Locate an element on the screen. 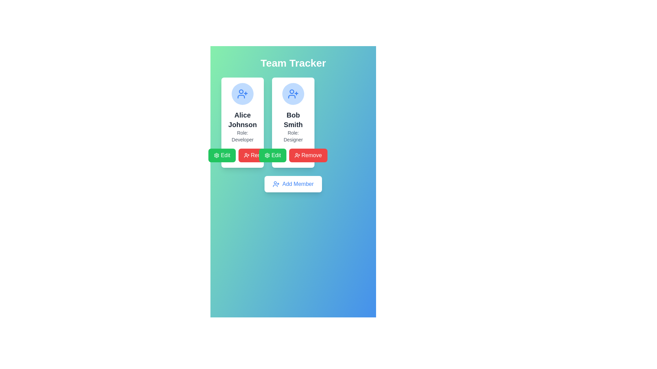  the 'Add Member' button is located at coordinates (293, 184).